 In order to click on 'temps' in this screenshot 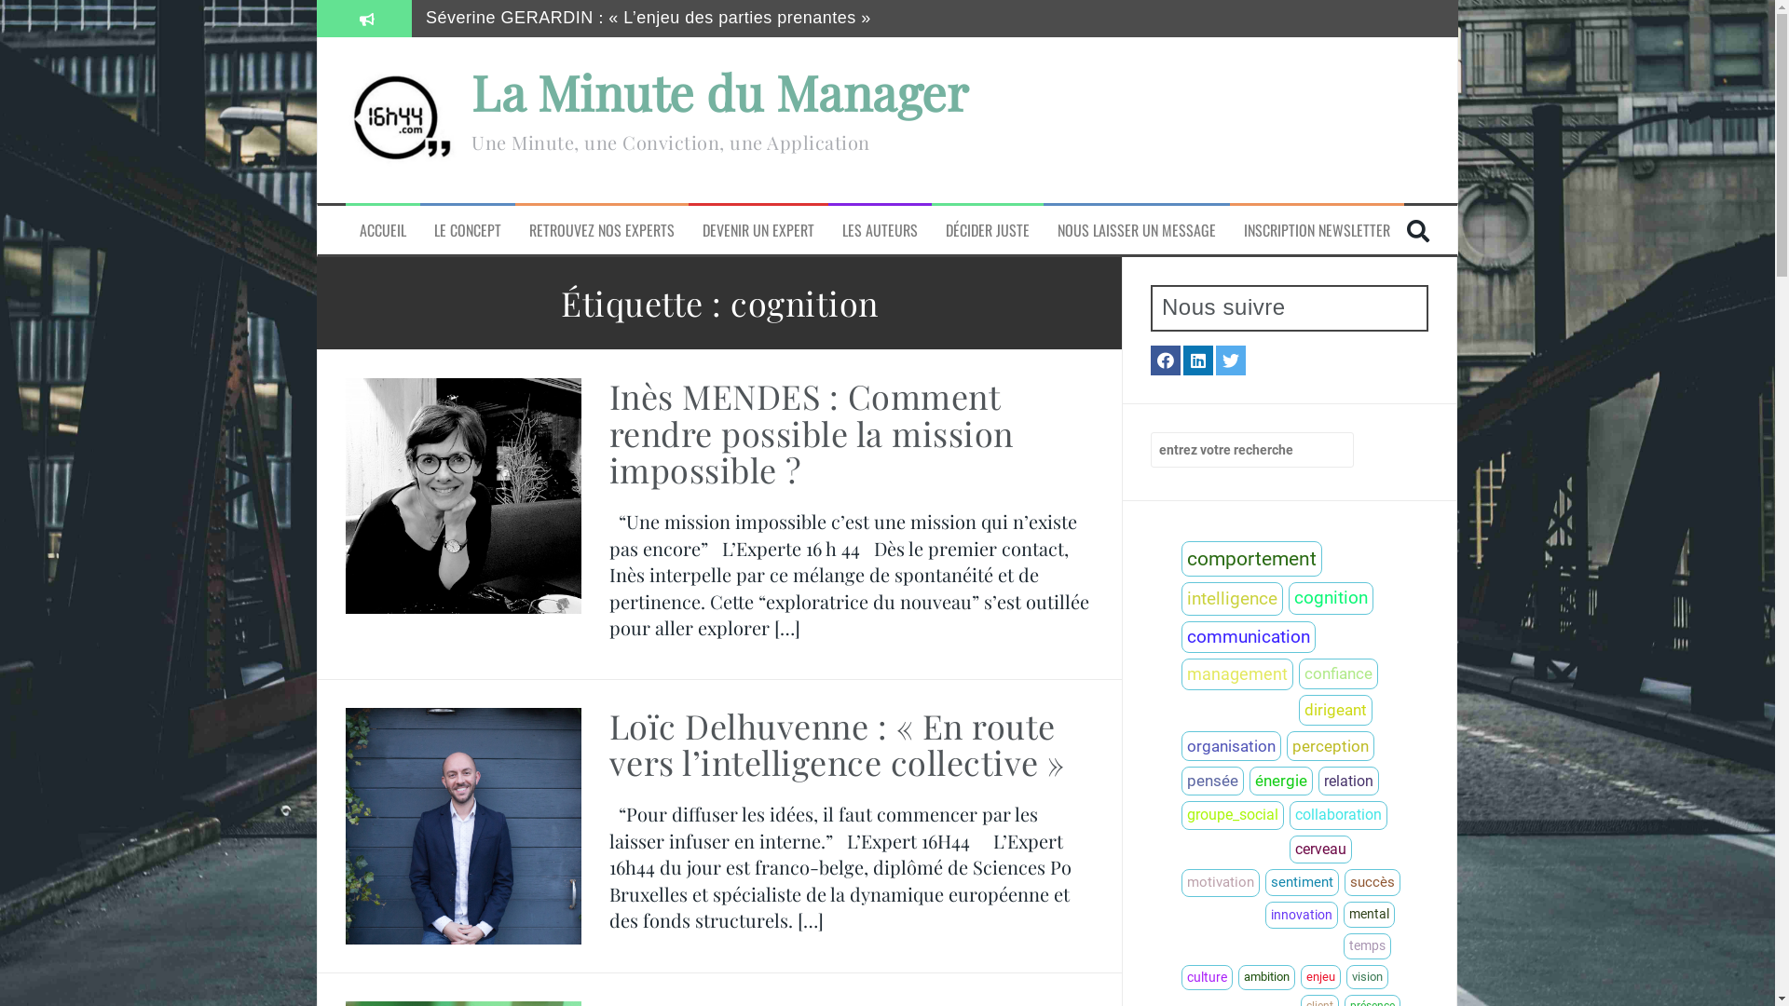, I will do `click(1343, 945)`.